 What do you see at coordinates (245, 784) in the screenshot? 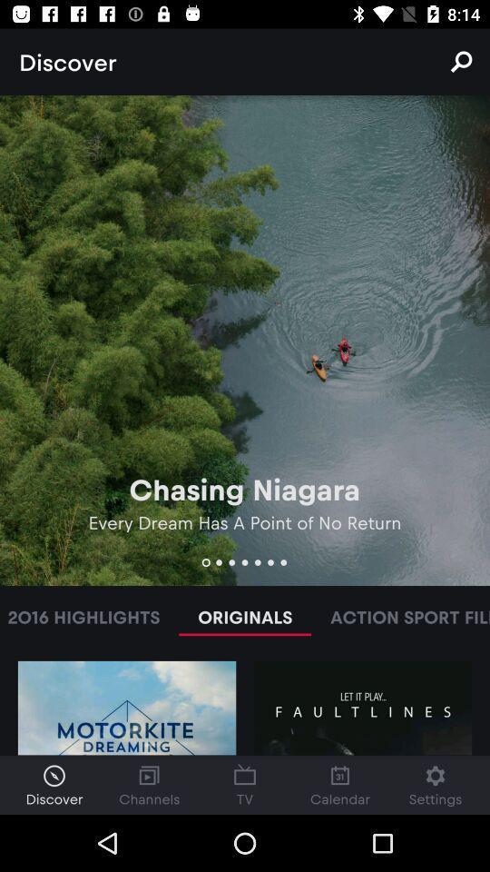
I see `the date_range icon` at bounding box center [245, 784].